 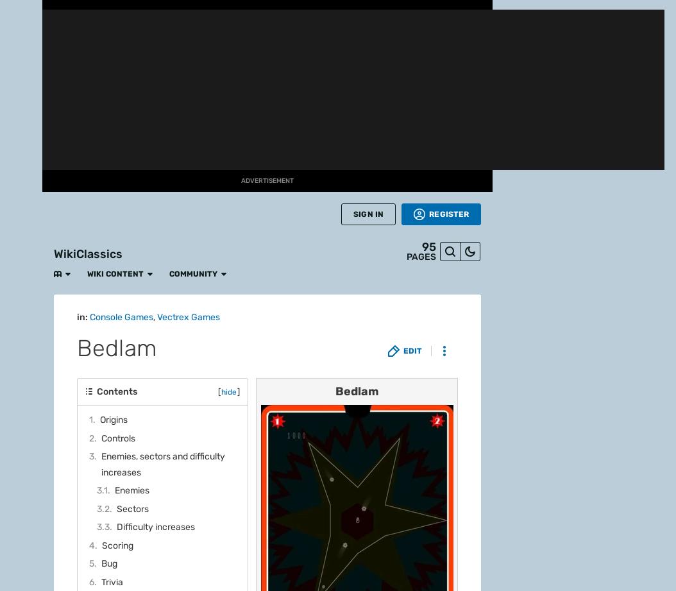 I want to click on 'Anime', so click(x=21, y=229).